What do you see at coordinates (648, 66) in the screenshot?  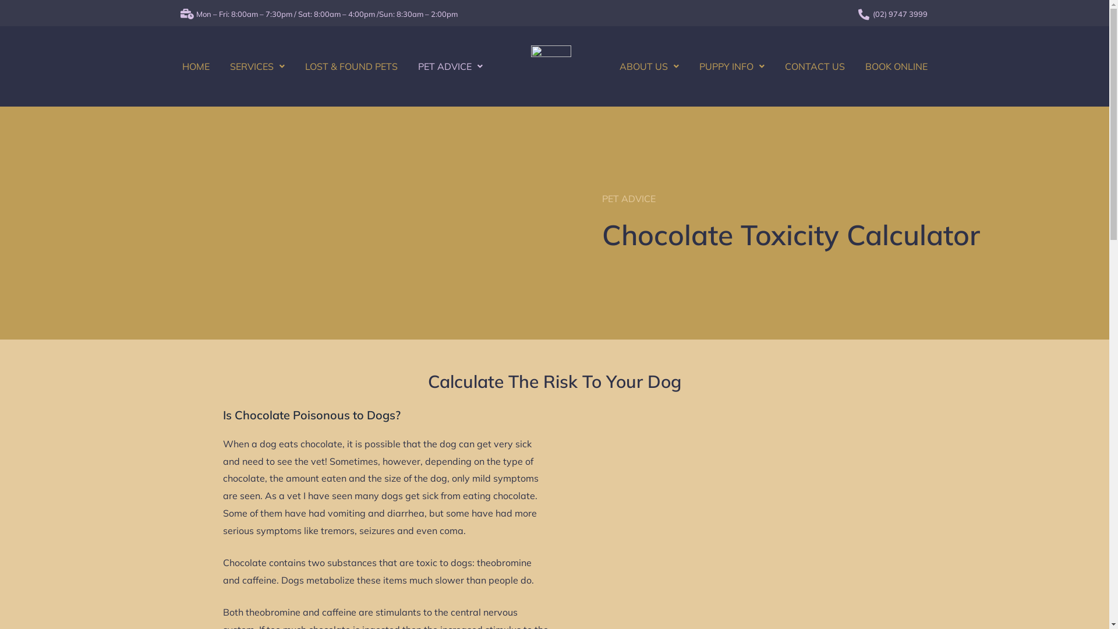 I see `'ABOUT US'` at bounding box center [648, 66].